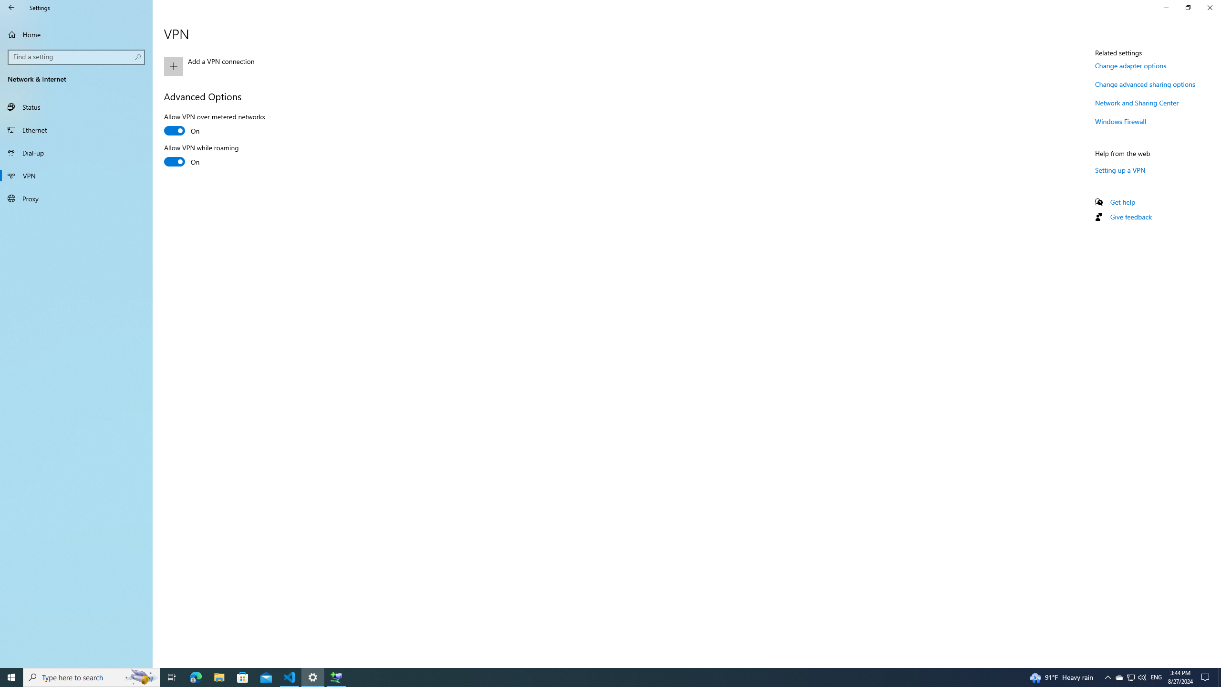 This screenshot has width=1221, height=687. I want to click on 'Add a VPN connection', so click(267, 65).